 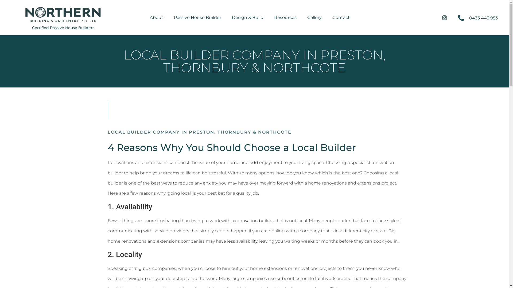 What do you see at coordinates (197, 17) in the screenshot?
I see `'Passive House Builder'` at bounding box center [197, 17].